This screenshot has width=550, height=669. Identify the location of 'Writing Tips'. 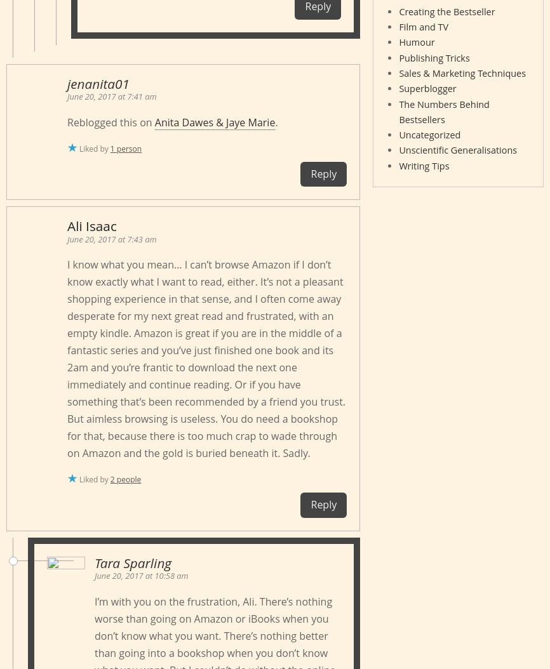
(423, 165).